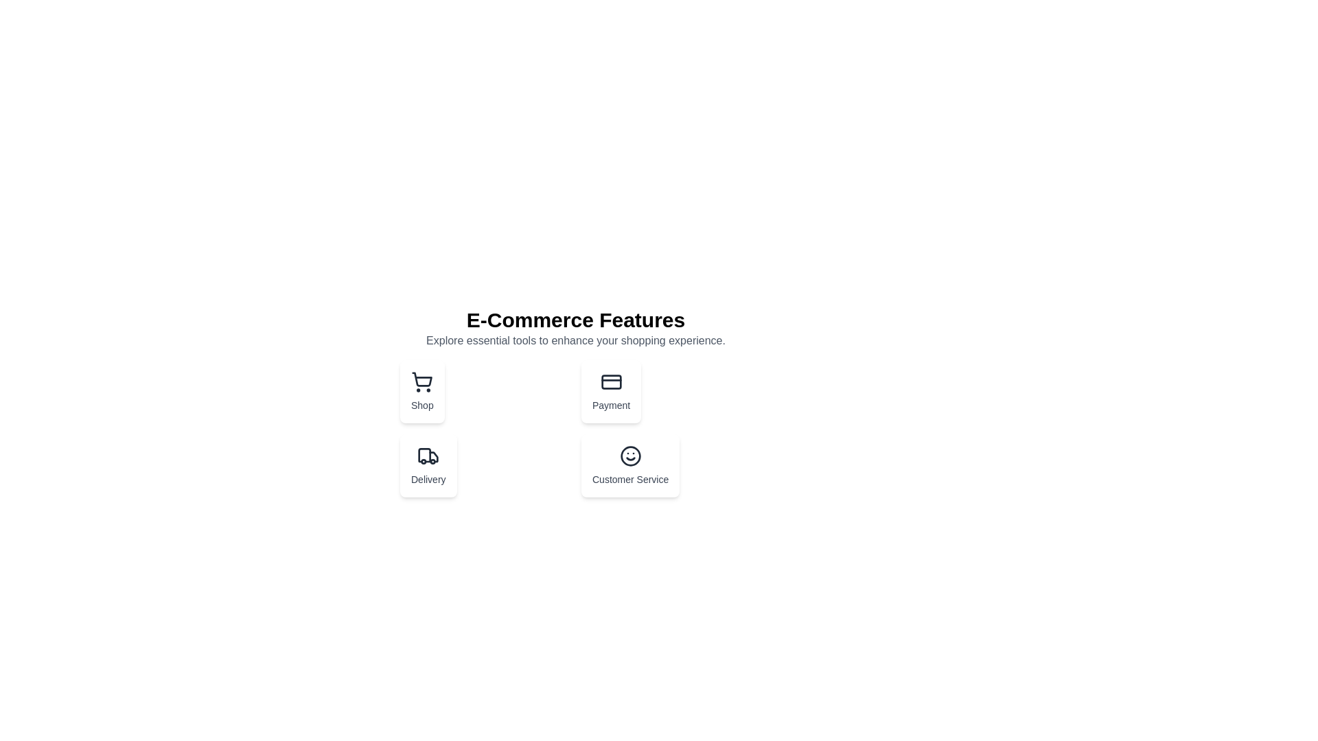 This screenshot has height=741, width=1318. Describe the element at coordinates (576, 399) in the screenshot. I see `the Payment section button, which is the second component in the upper row of the grid layout, located to the right of the 'Shop' button and above 'Customer Service'` at that location.